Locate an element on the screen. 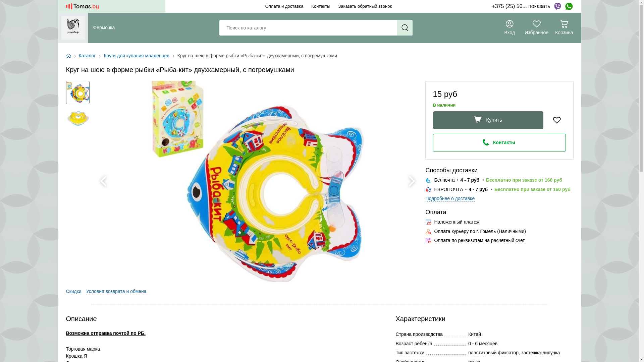  'Viber' is located at coordinates (557, 6).